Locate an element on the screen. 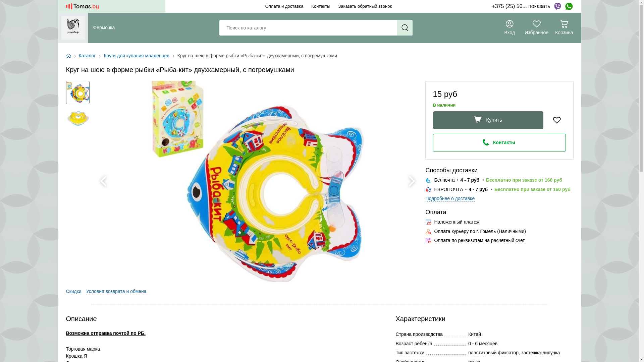  'Viber' is located at coordinates (557, 6).